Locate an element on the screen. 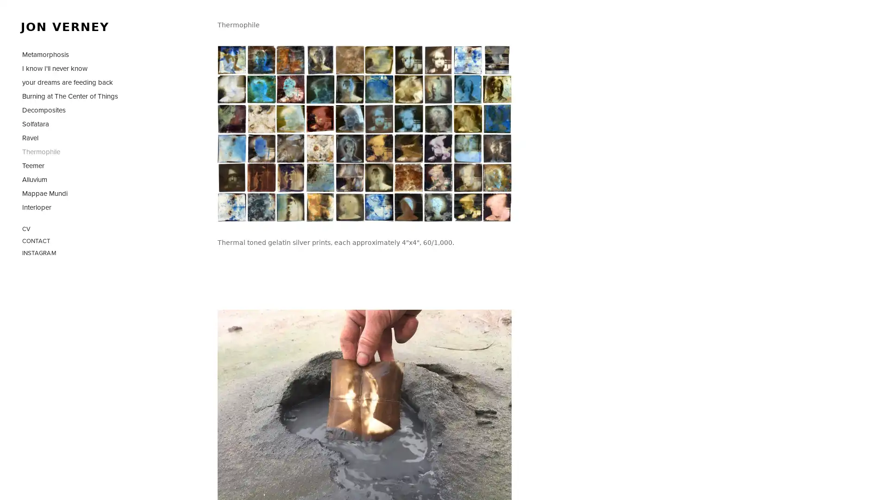 The height and width of the screenshot is (500, 889). View fullsize jon_verney_thermophile_20.jpg is located at coordinates (379, 178).